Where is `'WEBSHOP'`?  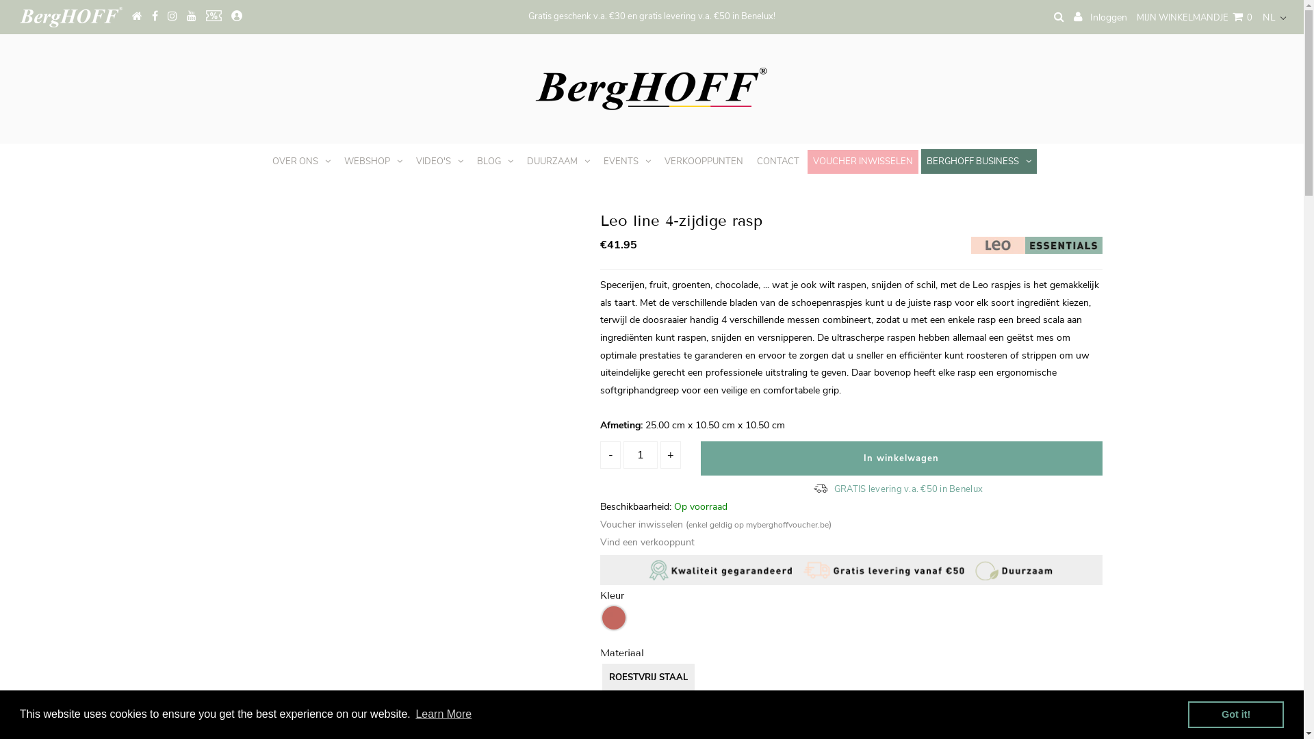
'WEBSHOP' is located at coordinates (373, 160).